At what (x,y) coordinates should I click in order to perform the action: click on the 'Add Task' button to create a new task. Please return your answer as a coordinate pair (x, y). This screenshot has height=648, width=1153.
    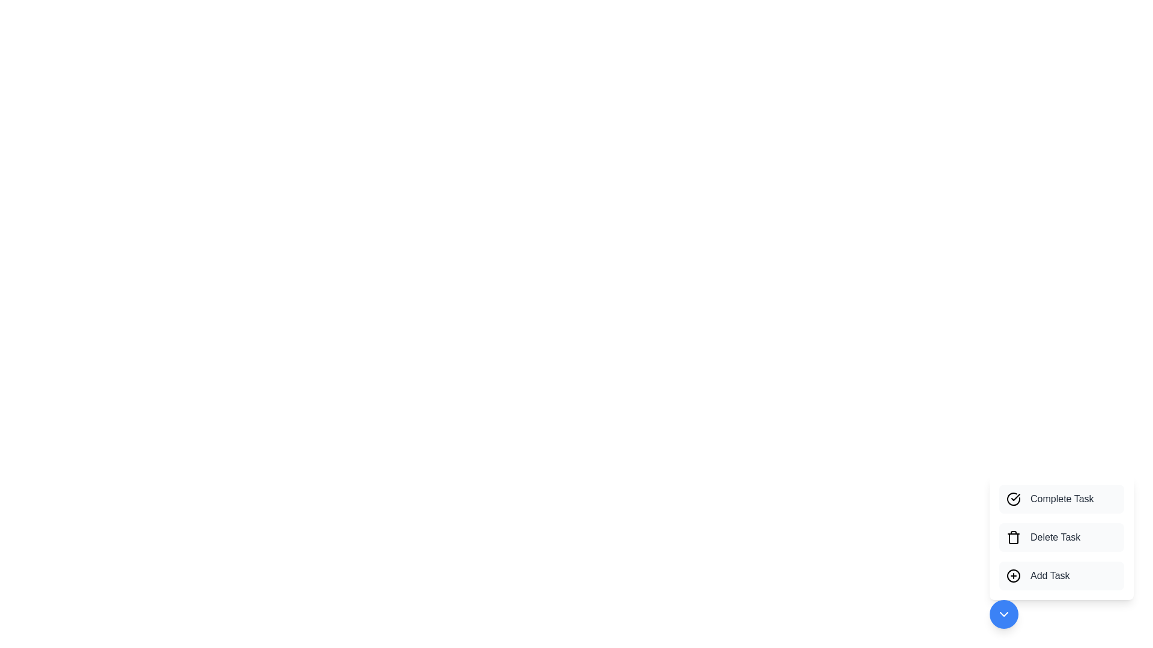
    Looking at the image, I should click on (1061, 575).